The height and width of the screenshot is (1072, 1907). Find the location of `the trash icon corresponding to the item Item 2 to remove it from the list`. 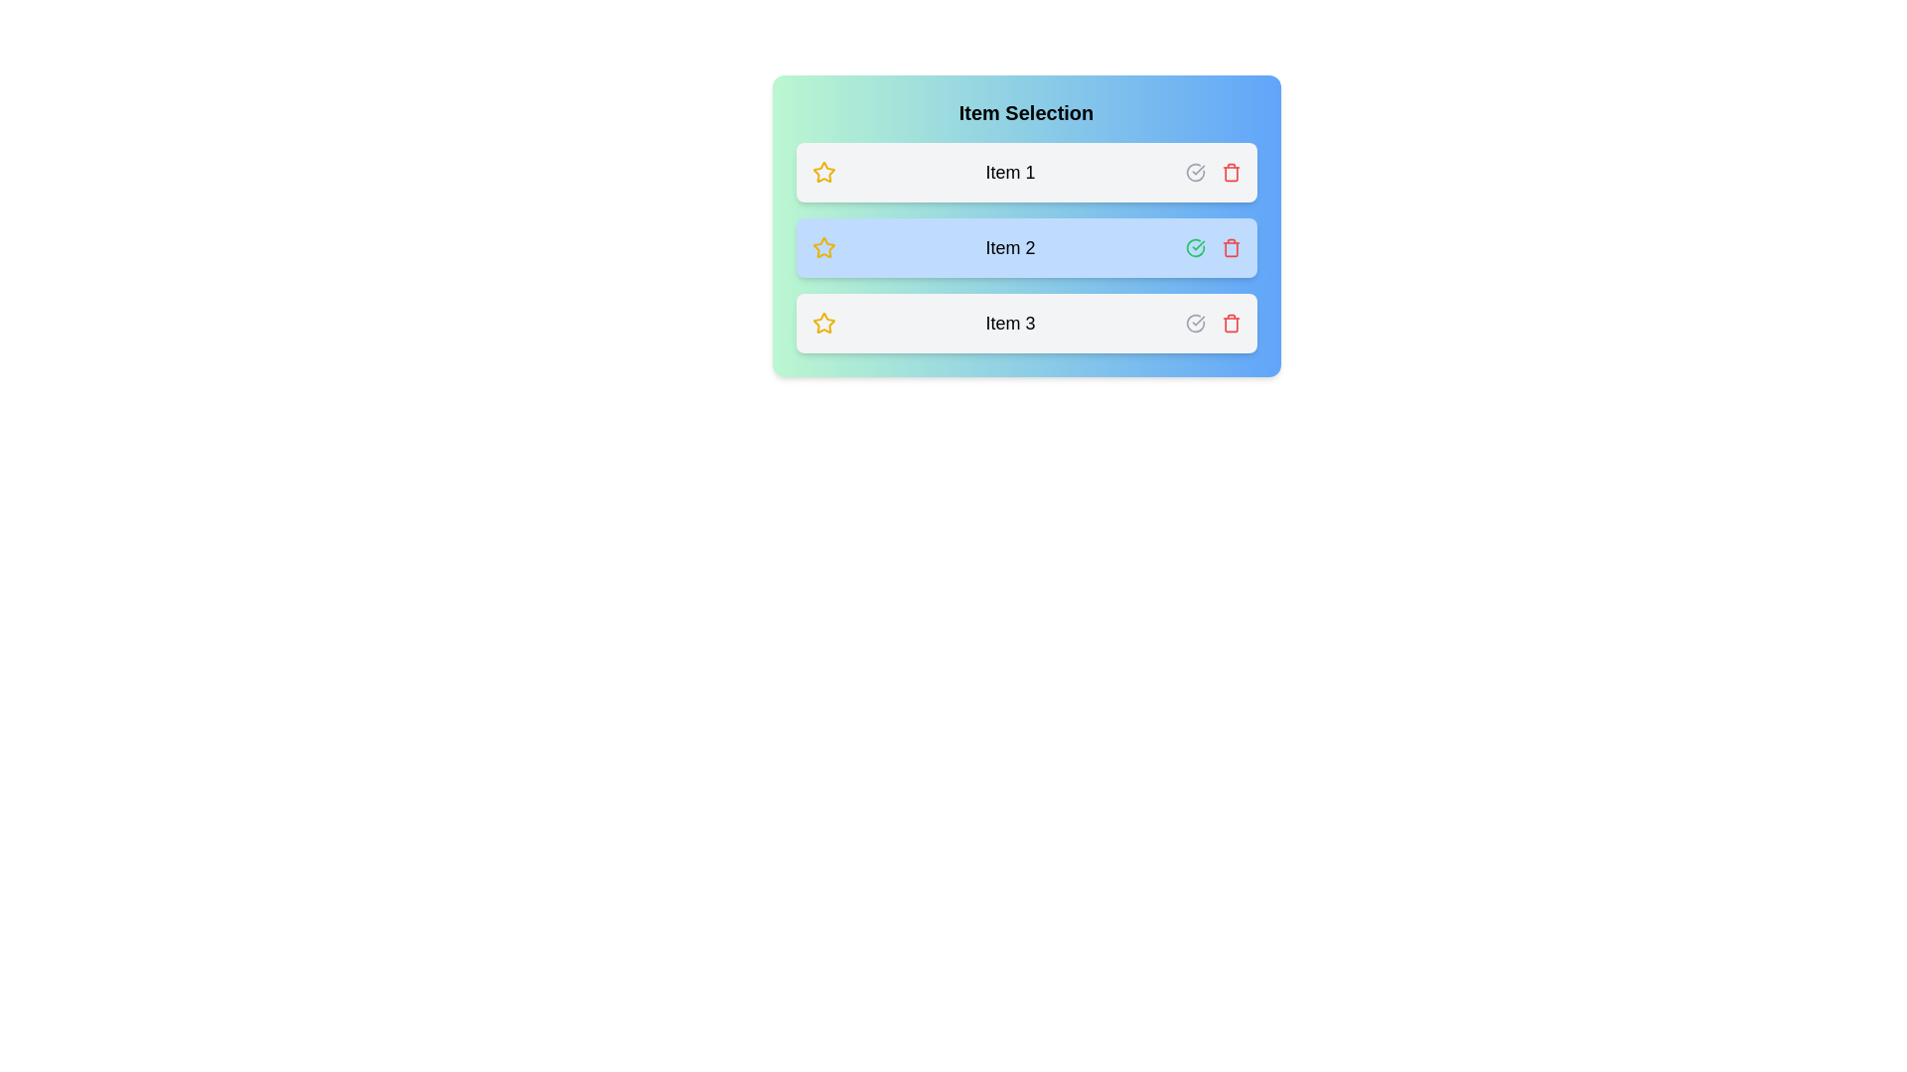

the trash icon corresponding to the item Item 2 to remove it from the list is located at coordinates (1230, 247).